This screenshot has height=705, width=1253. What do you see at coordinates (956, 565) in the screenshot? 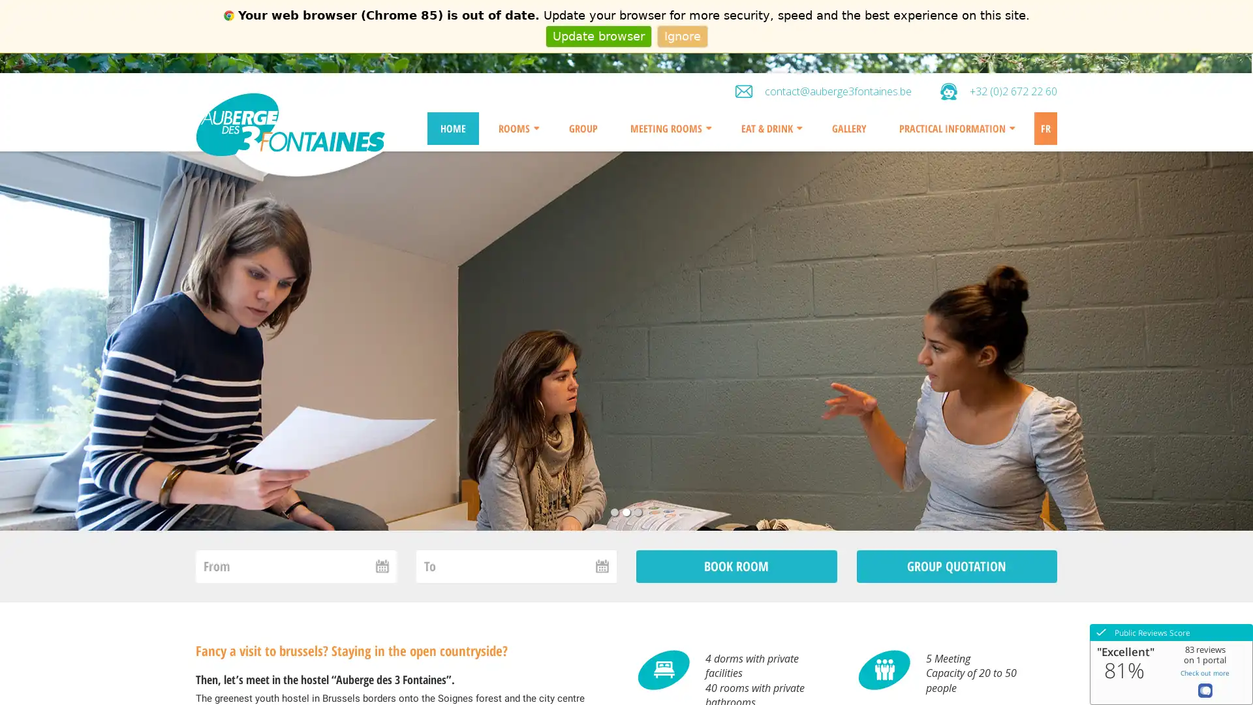
I see `GROUP QUOTATION` at bounding box center [956, 565].